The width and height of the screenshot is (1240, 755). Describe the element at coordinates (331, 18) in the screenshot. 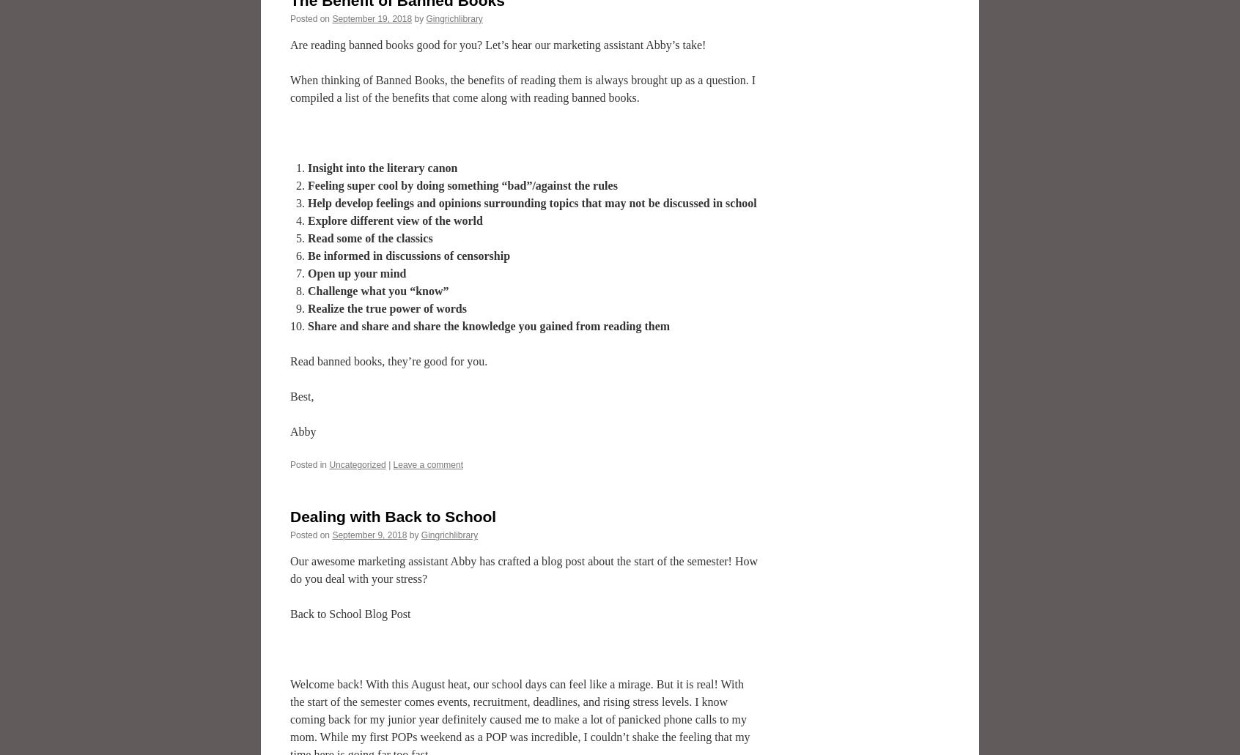

I see `'September 19, 2018'` at that location.